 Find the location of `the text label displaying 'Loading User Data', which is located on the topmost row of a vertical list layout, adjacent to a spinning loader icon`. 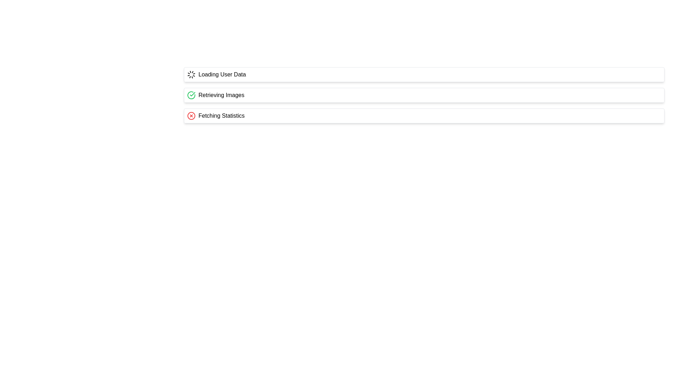

the text label displaying 'Loading User Data', which is located on the topmost row of a vertical list layout, adjacent to a spinning loader icon is located at coordinates (222, 74).